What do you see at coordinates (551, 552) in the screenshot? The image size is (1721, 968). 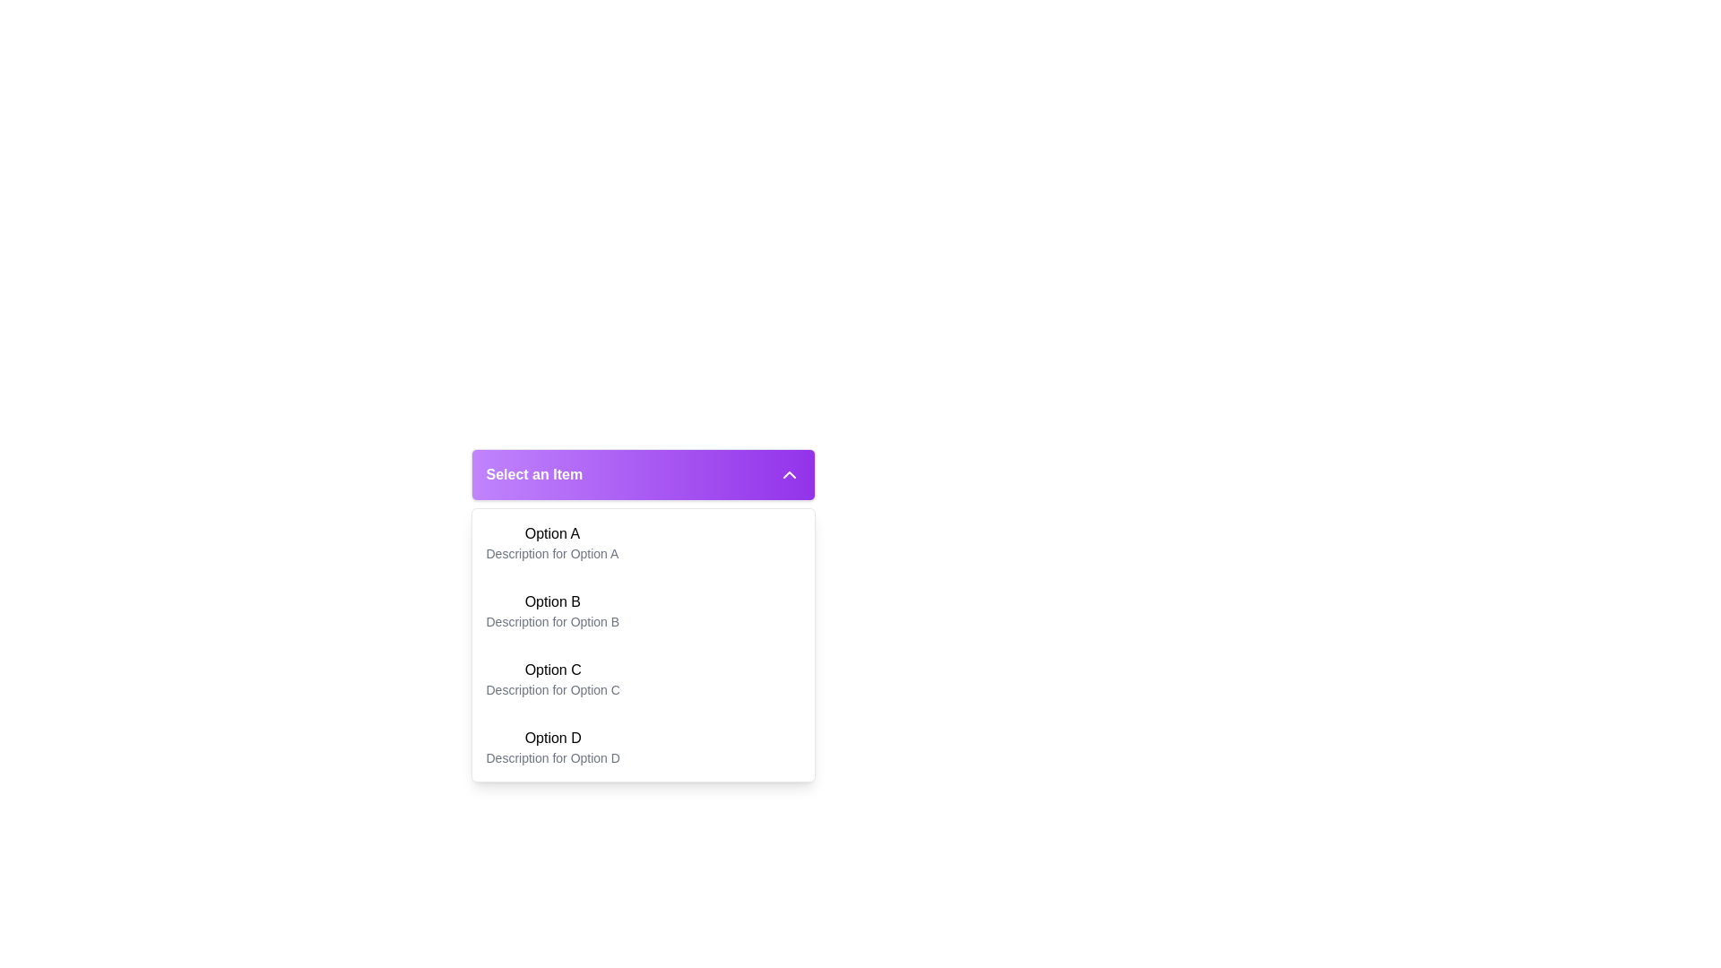 I see `the text label providing a description for 'Option A' located inside the dropdown menu, positioned directly below it` at bounding box center [551, 552].